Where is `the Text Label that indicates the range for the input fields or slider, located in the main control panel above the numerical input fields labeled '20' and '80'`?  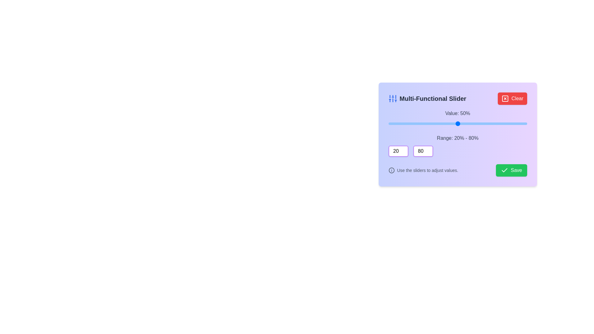 the Text Label that indicates the range for the input fields or slider, located in the main control panel above the numerical input fields labeled '20' and '80' is located at coordinates (458, 138).